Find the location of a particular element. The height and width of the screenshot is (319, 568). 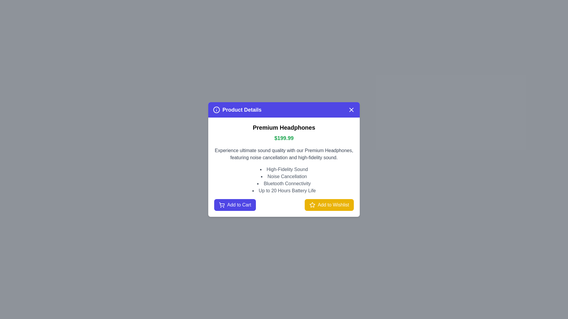

the 'Add to Wishlist' button is located at coordinates (329, 205).